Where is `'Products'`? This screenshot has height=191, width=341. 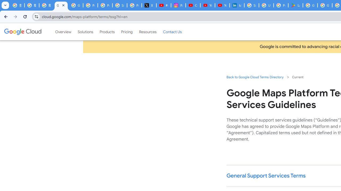
'Products' is located at coordinates (107, 32).